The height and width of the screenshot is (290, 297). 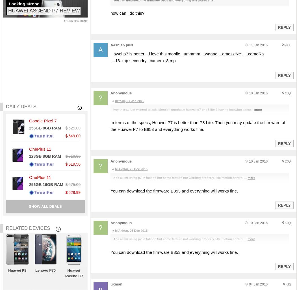 What do you see at coordinates (73, 127) in the screenshot?
I see `'$ 625.00'` at bounding box center [73, 127].